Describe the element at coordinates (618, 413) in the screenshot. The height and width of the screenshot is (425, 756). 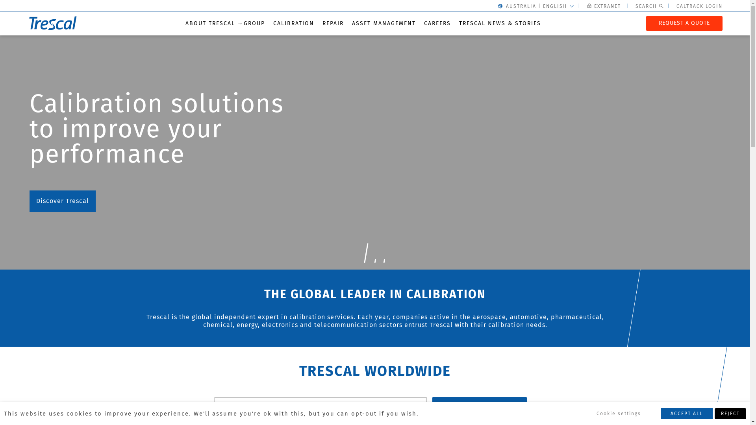
I see `'Cookie settings'` at that location.